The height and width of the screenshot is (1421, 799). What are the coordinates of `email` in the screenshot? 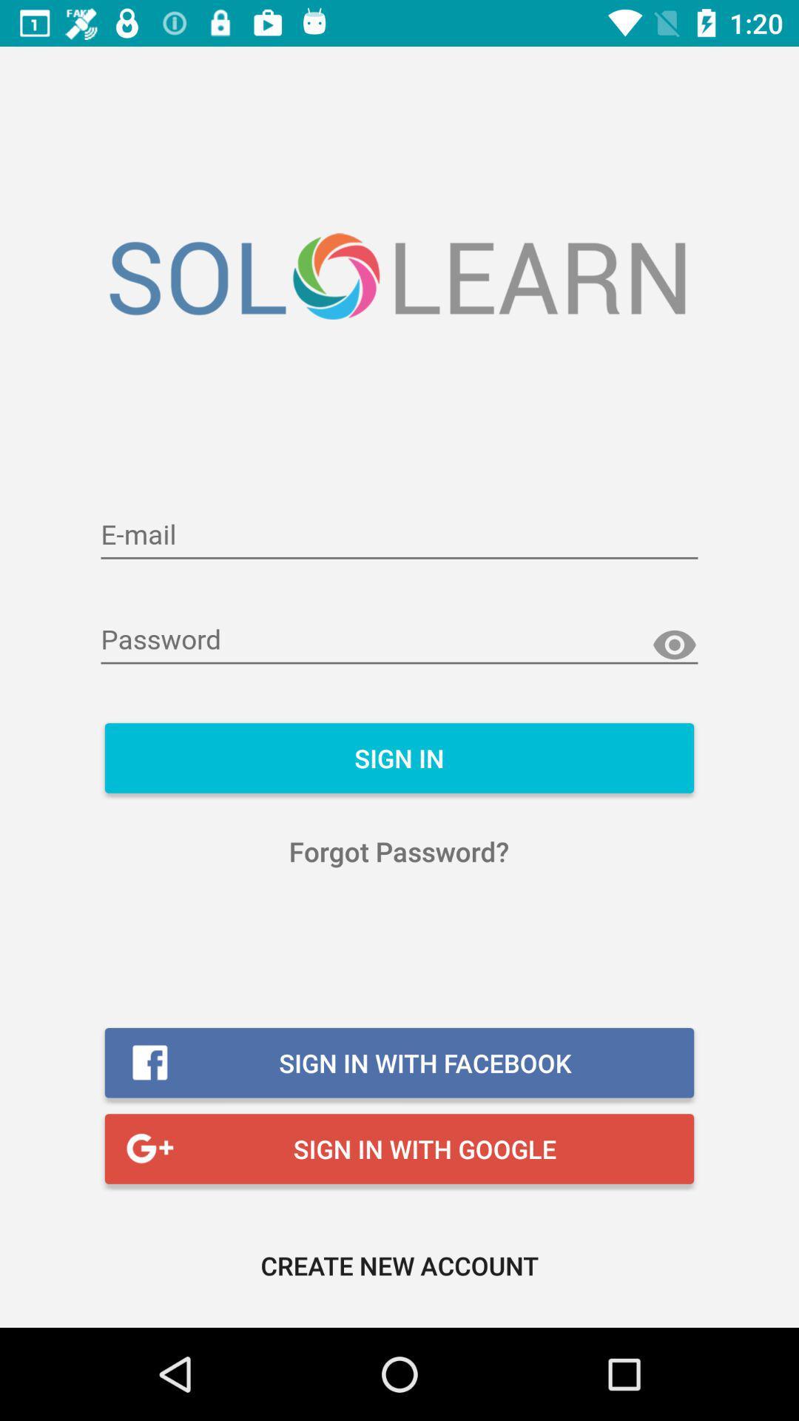 It's located at (399, 535).